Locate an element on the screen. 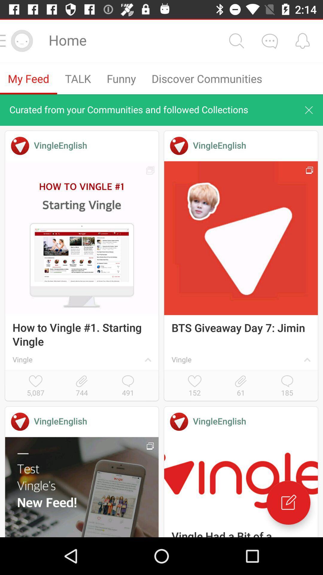 Image resolution: width=323 pixels, height=575 pixels. item above vingleenglish icon is located at coordinates (82, 386).